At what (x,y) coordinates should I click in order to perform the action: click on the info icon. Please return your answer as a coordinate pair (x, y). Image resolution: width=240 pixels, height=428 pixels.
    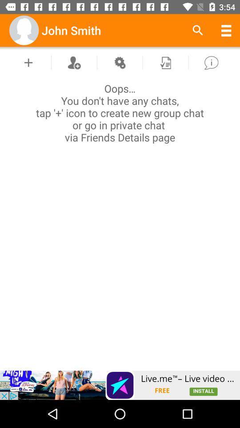
    Looking at the image, I should click on (211, 62).